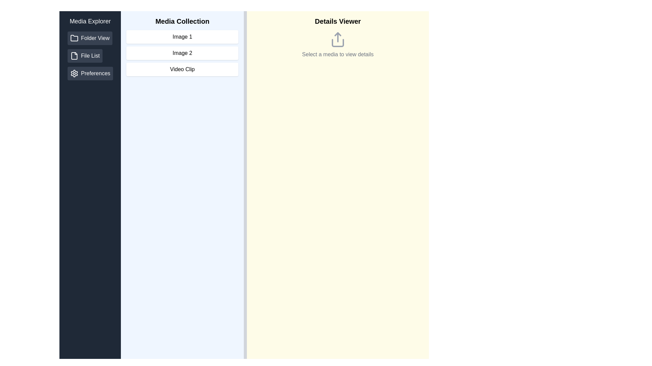 Image resolution: width=652 pixels, height=366 pixels. Describe the element at coordinates (90, 21) in the screenshot. I see `the sidebar title label that indicates the current functionality or section's purpose, located at the topmost part of the sidebar` at that location.